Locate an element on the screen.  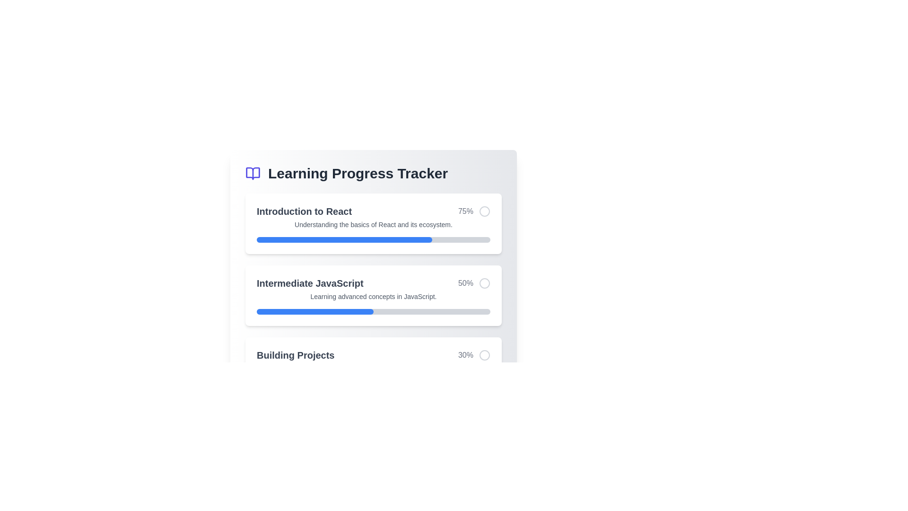
text label that says 'Understanding the basics of React and its ecosystem.' which is styled with gray font and located beneath the title 'Introduction to React' in the learning module card is located at coordinates (373, 224).